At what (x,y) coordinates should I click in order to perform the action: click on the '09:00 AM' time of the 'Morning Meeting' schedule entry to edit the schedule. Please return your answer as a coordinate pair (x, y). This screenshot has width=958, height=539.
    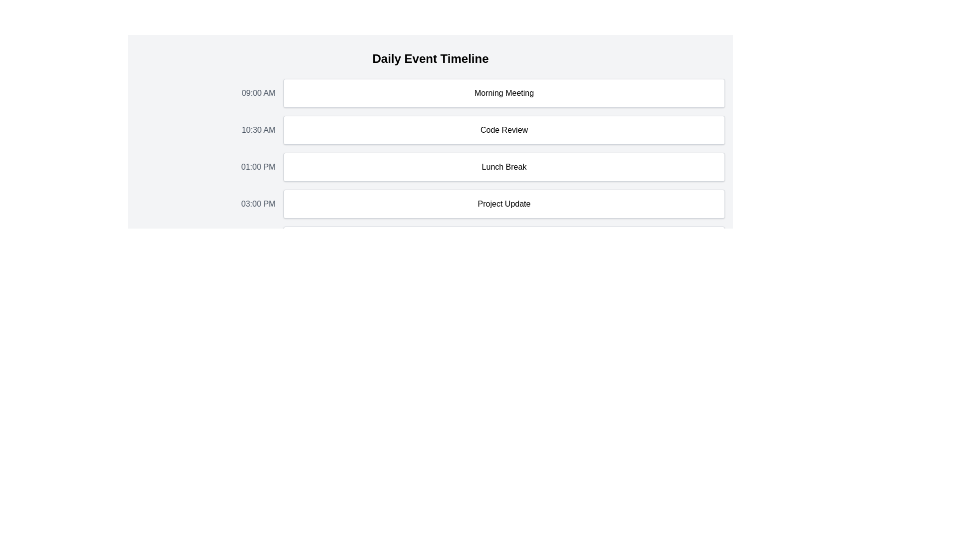
    Looking at the image, I should click on (431, 93).